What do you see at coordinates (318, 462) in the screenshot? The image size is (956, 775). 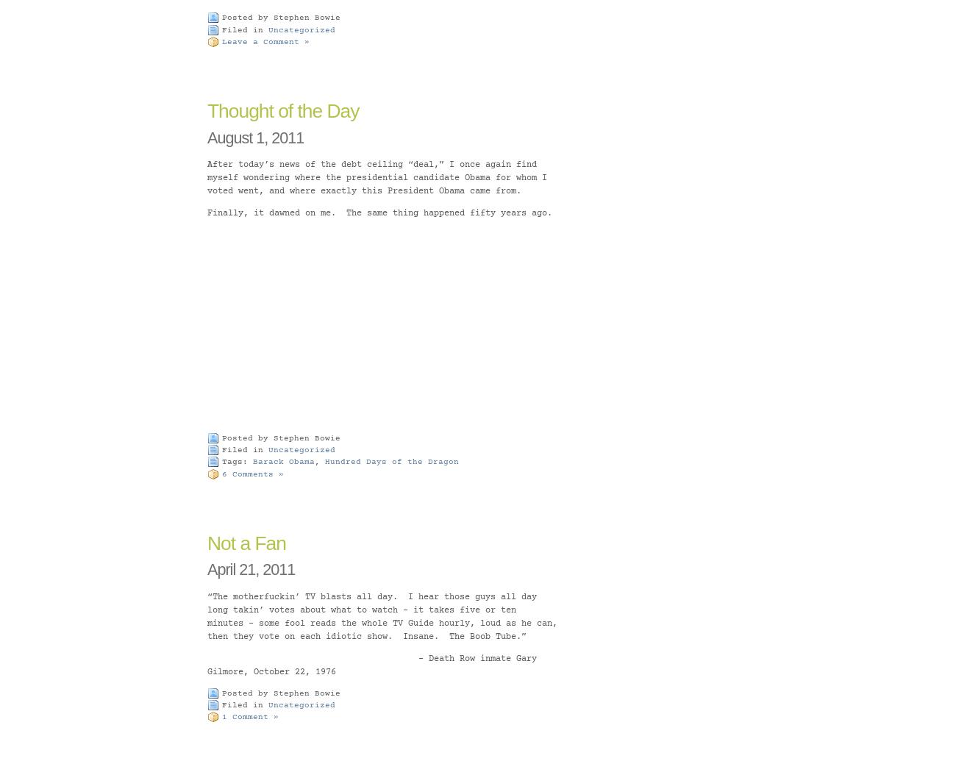 I see `','` at bounding box center [318, 462].